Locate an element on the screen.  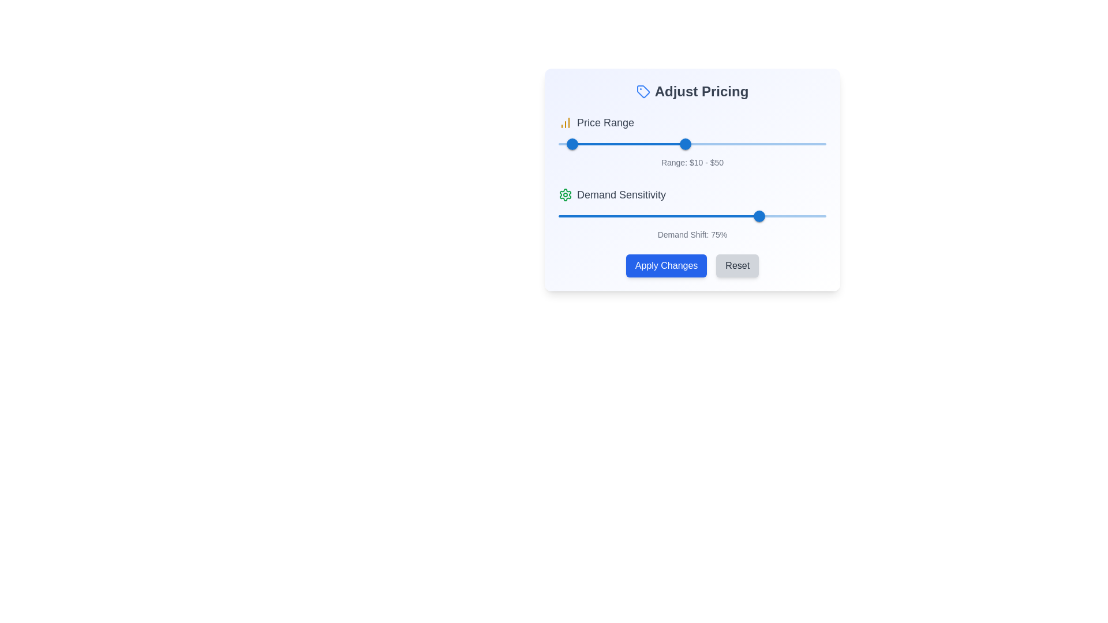
the price range slider is located at coordinates (679, 144).